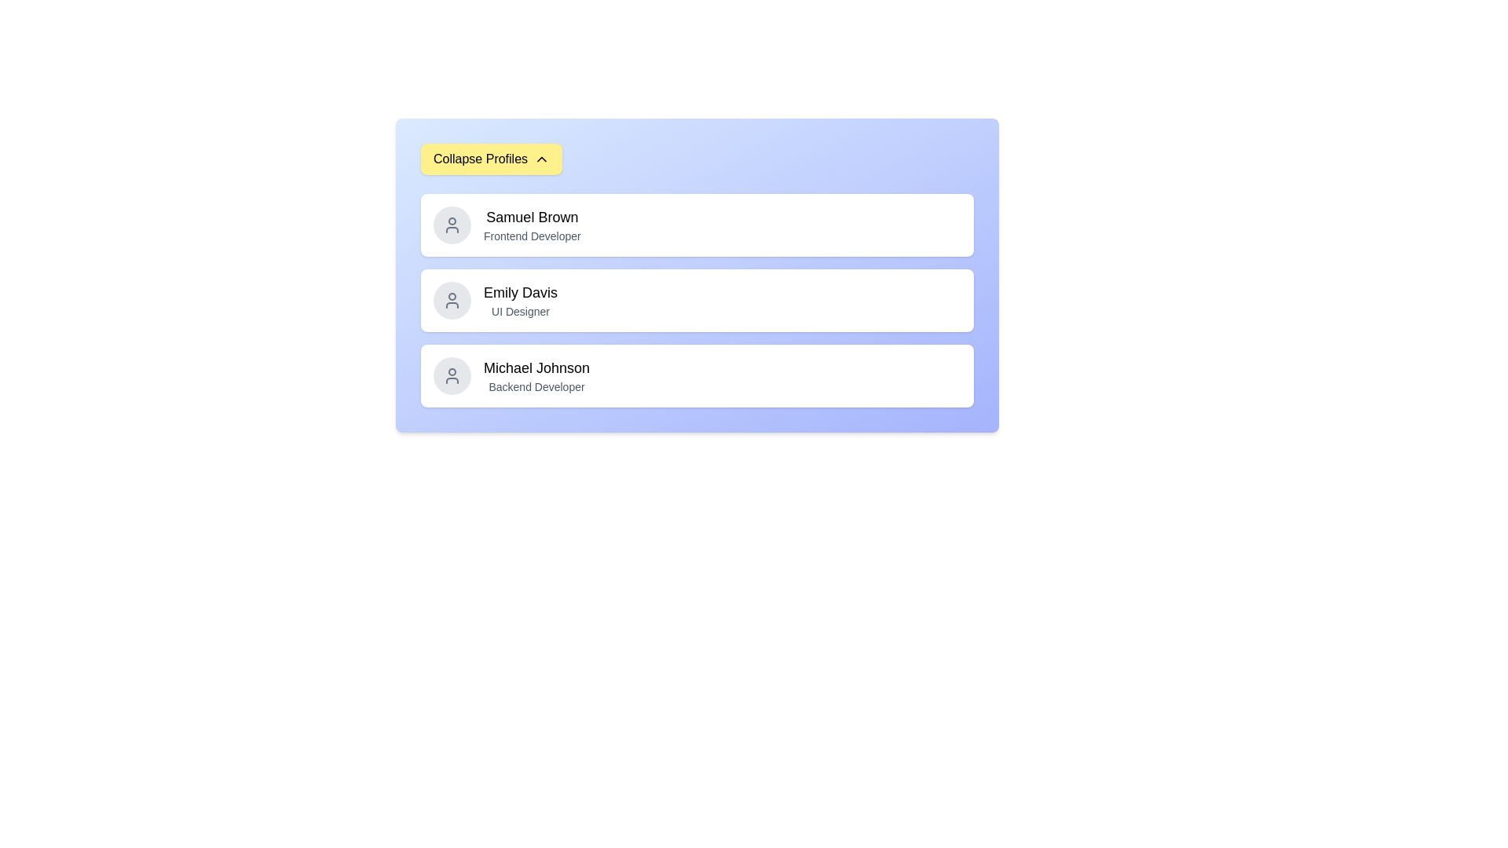 The image size is (1508, 848). I want to click on the text component displaying 'Michael Johnson' and 'Backend Developer' located within the third profile card, positioned to the right of the circular avatar icon, so click(536, 375).